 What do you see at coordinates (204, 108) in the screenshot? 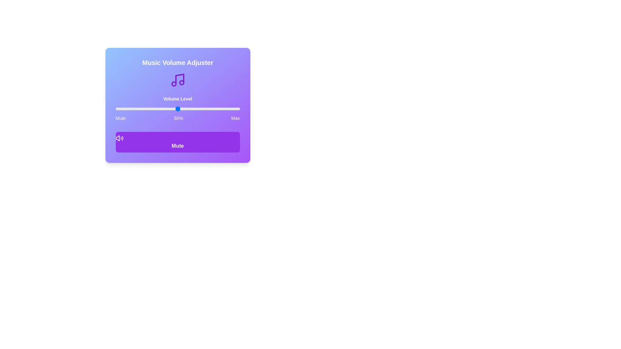
I see `the volume slider to set the volume to 72%` at bounding box center [204, 108].